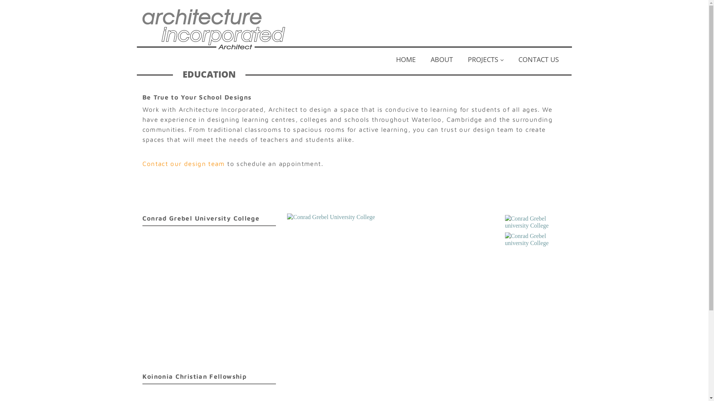 Image resolution: width=714 pixels, height=401 pixels. What do you see at coordinates (538, 61) in the screenshot?
I see `'CONTACT US'` at bounding box center [538, 61].